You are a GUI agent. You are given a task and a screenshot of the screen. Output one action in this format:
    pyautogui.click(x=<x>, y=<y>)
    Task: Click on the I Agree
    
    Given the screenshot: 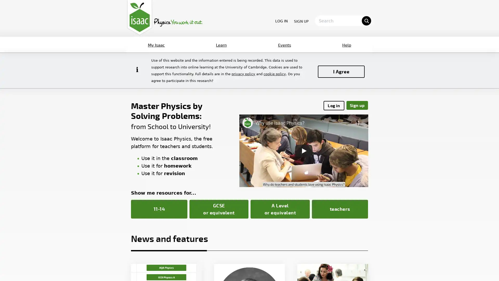 What is the action you would take?
    pyautogui.click(x=341, y=71)
    